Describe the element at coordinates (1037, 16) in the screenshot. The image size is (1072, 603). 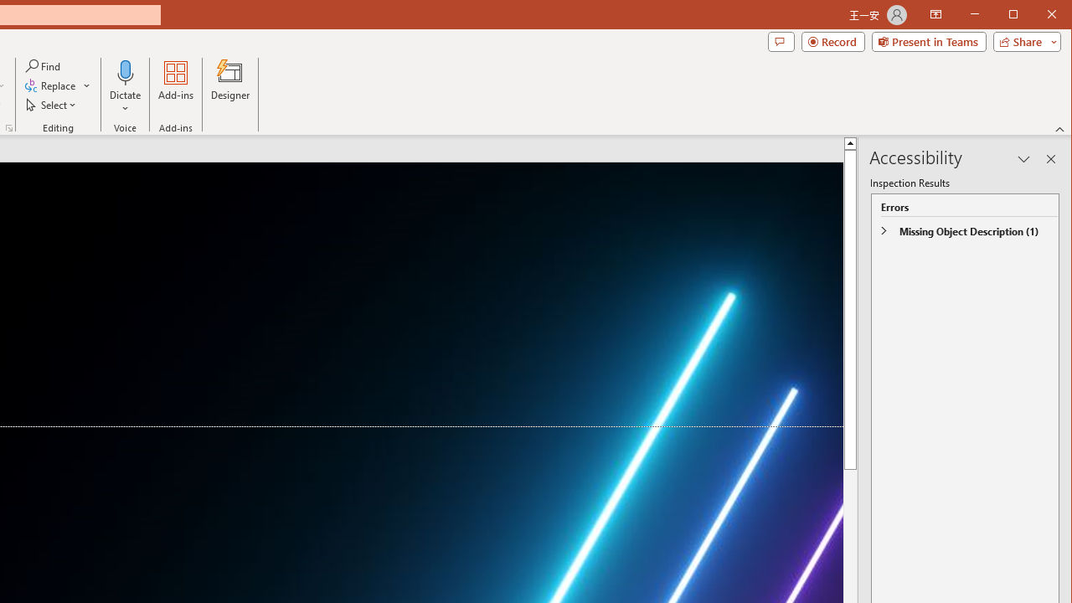
I see `'Maximize'` at that location.